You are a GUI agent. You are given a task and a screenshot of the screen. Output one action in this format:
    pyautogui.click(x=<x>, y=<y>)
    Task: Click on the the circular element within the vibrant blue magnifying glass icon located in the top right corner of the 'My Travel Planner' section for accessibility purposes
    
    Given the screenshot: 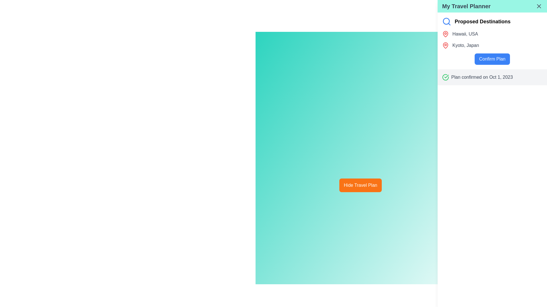 What is the action you would take?
    pyautogui.click(x=446, y=21)
    